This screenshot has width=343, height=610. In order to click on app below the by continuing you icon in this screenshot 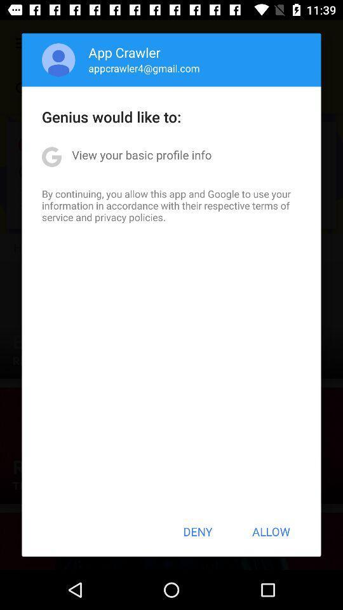, I will do `click(198, 531)`.